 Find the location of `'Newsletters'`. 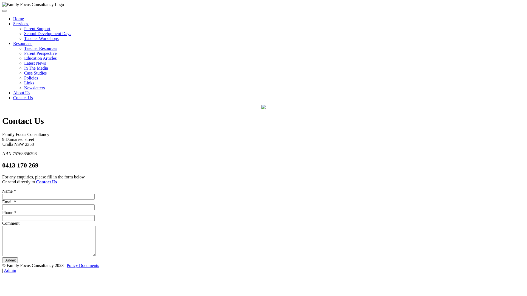

'Newsletters' is located at coordinates (24, 87).